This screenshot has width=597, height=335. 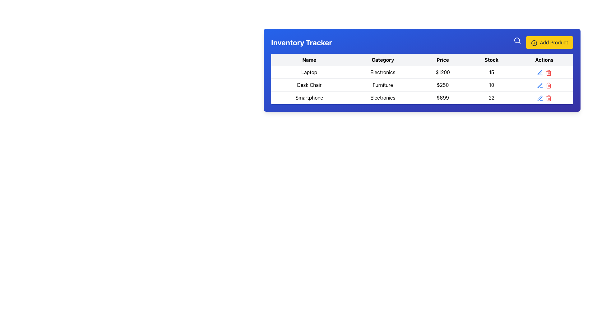 What do you see at coordinates (534, 42) in the screenshot?
I see `the circular outline of the decorative component inside the yellow 'Add Product' button located in the top-right area of the interface` at bounding box center [534, 42].